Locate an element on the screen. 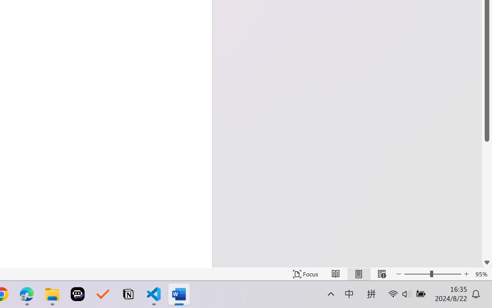 This screenshot has height=308, width=492. 'Line down' is located at coordinates (487, 263).